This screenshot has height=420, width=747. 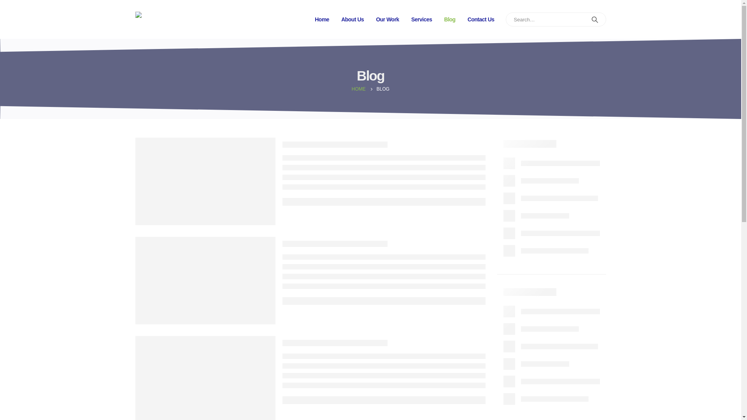 I want to click on 'Contact Us', so click(x=480, y=19).